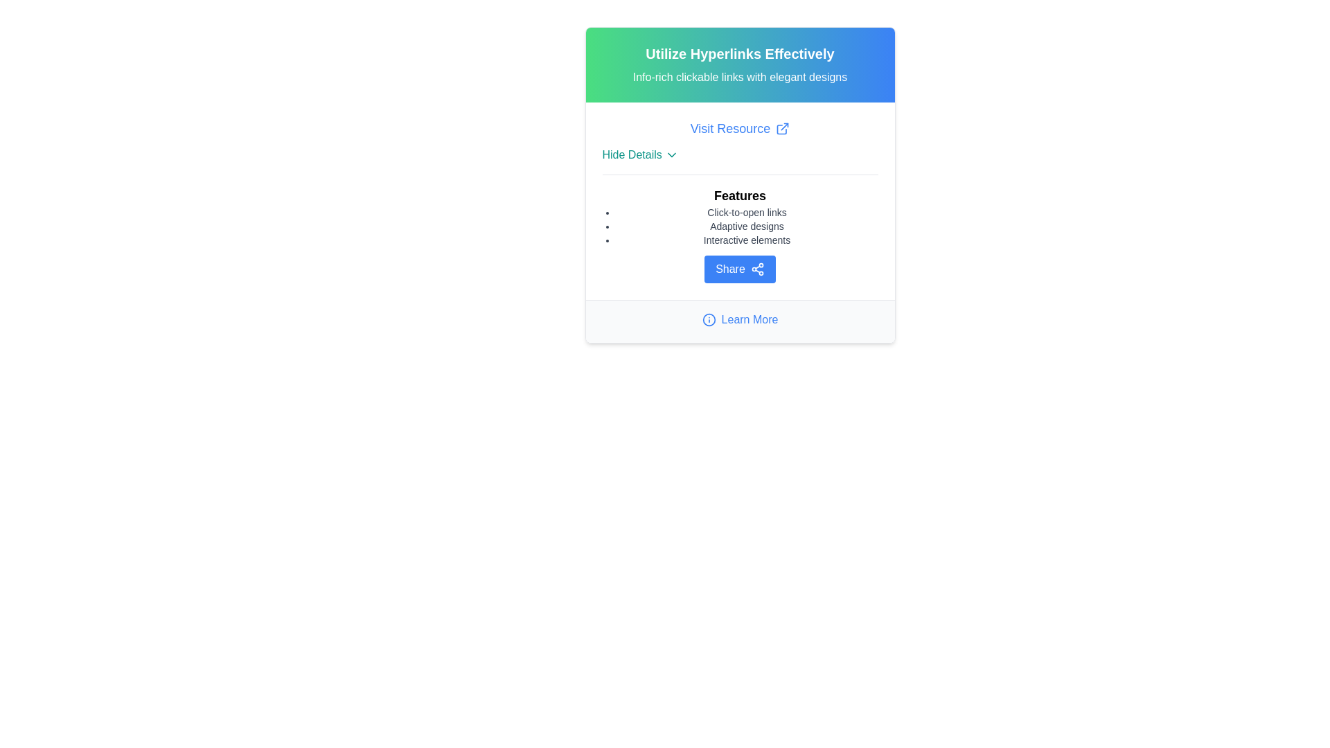 The image size is (1330, 748). What do you see at coordinates (756, 269) in the screenshot?
I see `the sharing icon located within the rounded blue button labeled 'Share'` at bounding box center [756, 269].